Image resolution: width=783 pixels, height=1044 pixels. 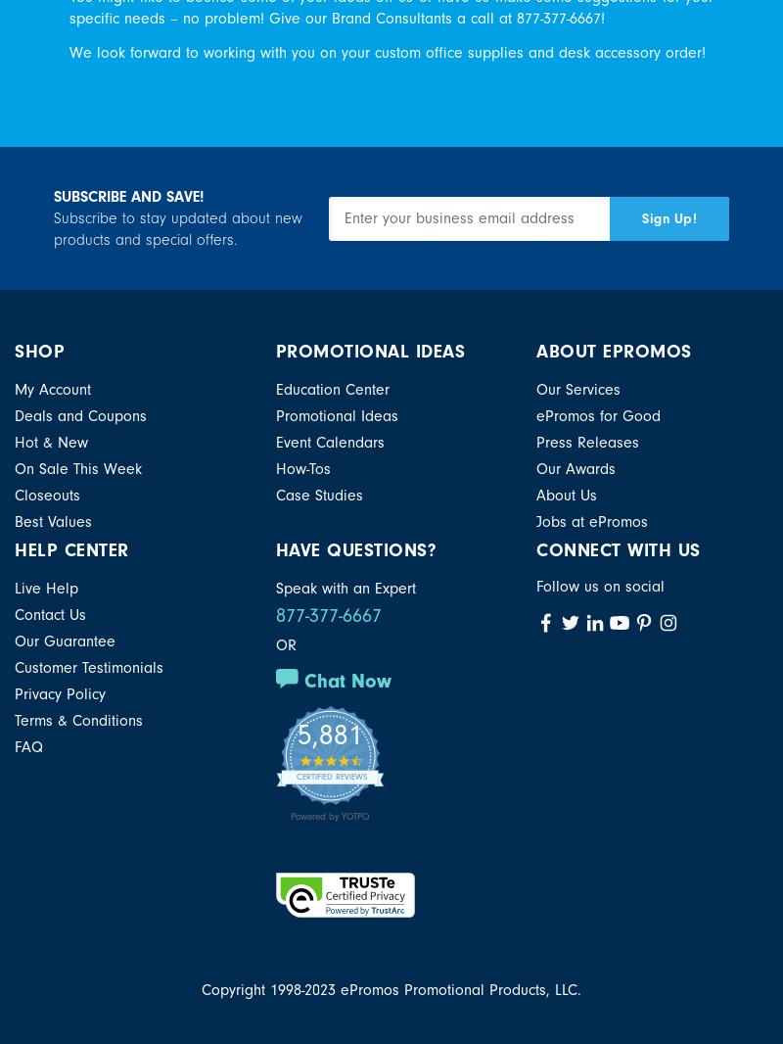 I want to click on 'Certified reviews', so click(x=331, y=775).